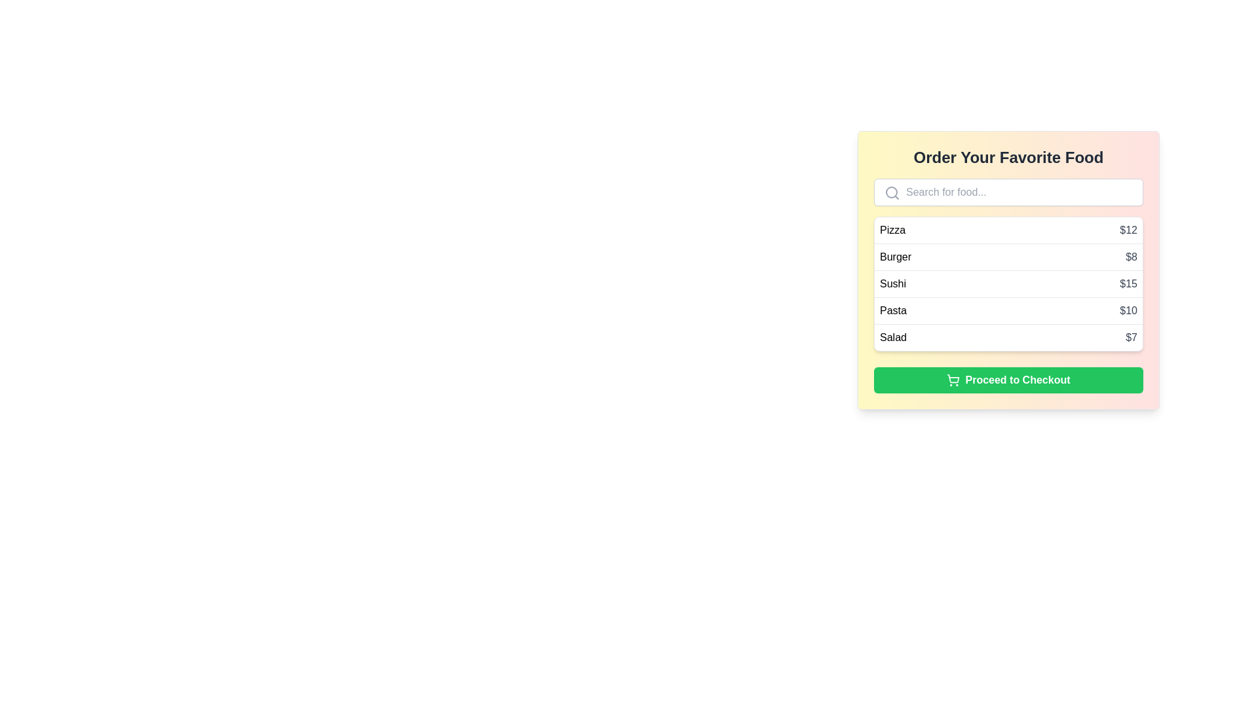  I want to click on the text label displaying 'Pizza' which is part of the food items list under 'Order Your Favorite Food', so click(892, 229).